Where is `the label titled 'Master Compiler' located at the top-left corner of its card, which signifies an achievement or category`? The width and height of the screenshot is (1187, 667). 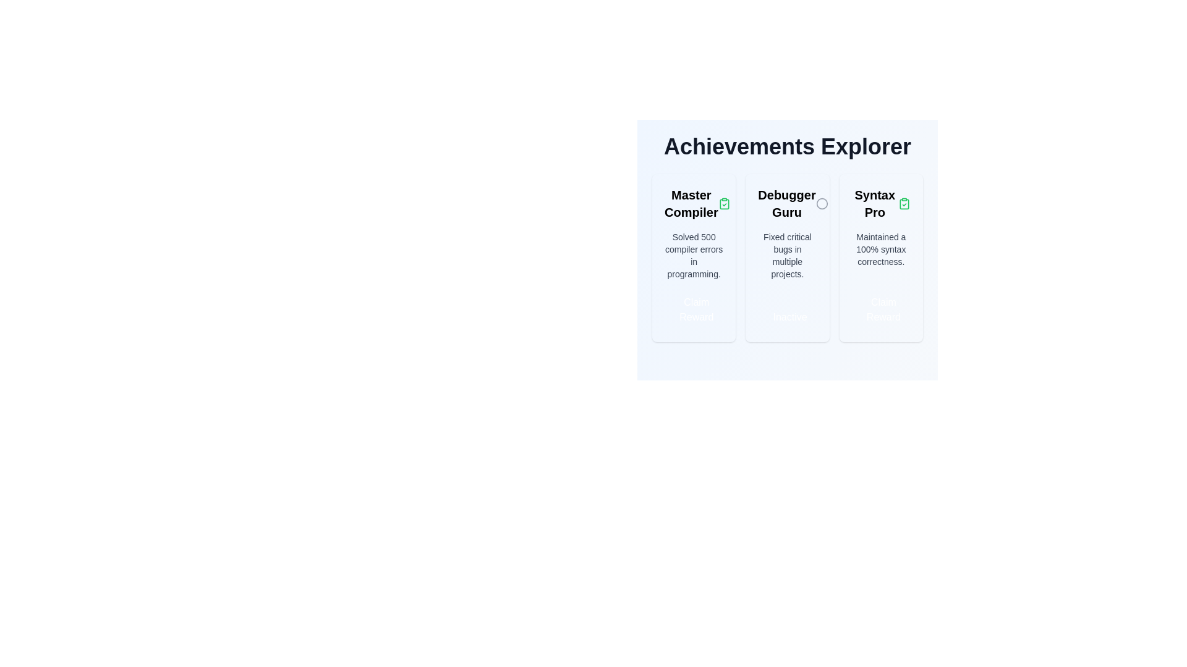
the label titled 'Master Compiler' located at the top-left corner of its card, which signifies an achievement or category is located at coordinates (694, 203).